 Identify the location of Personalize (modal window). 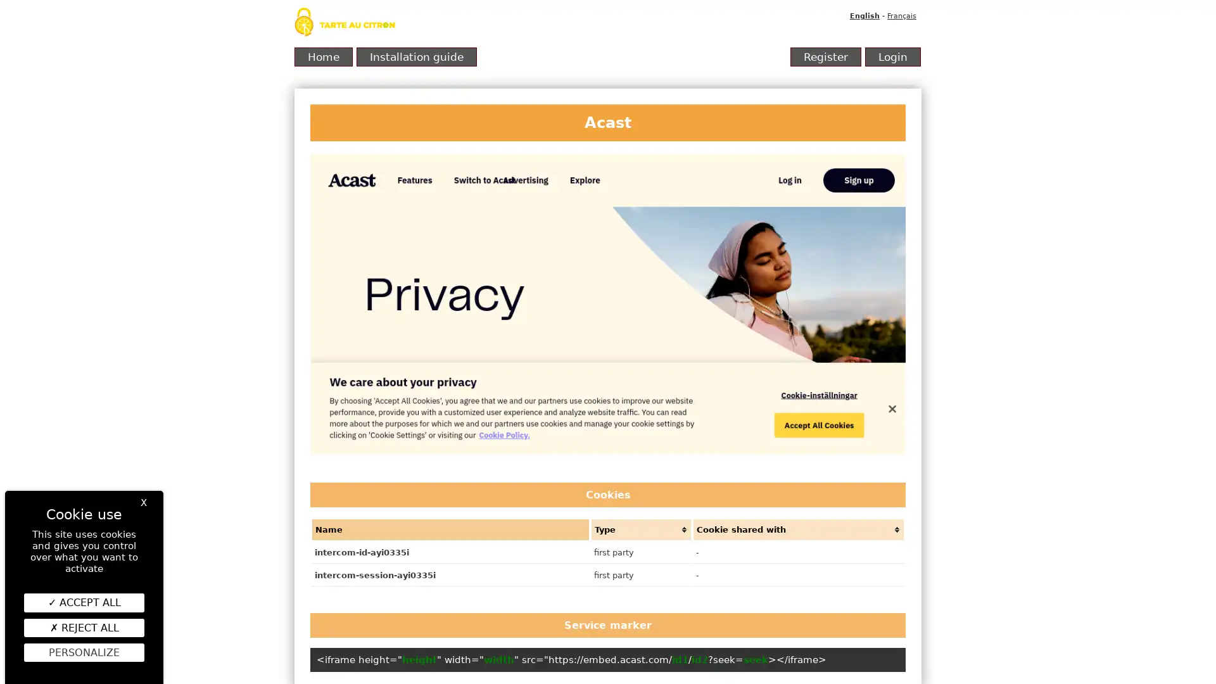
(84, 652).